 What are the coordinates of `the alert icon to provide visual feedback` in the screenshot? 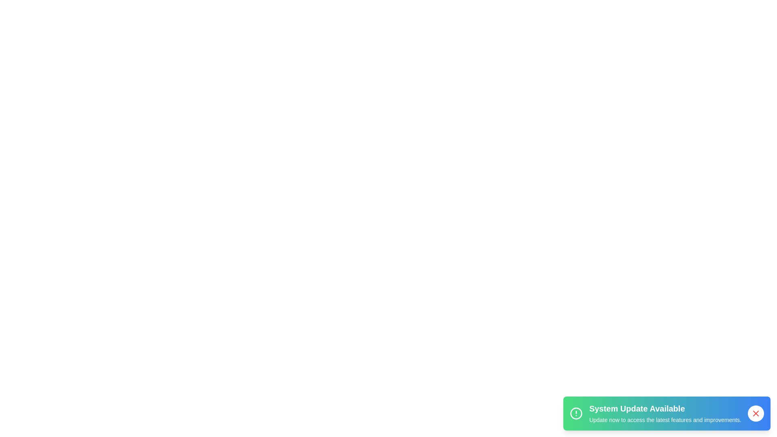 It's located at (576, 414).